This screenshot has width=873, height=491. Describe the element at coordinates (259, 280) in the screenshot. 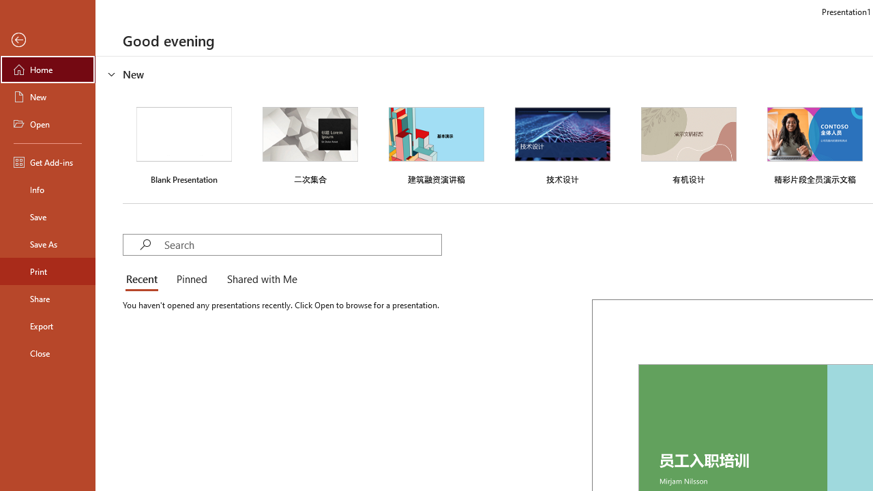

I see `'Shared with Me'` at that location.